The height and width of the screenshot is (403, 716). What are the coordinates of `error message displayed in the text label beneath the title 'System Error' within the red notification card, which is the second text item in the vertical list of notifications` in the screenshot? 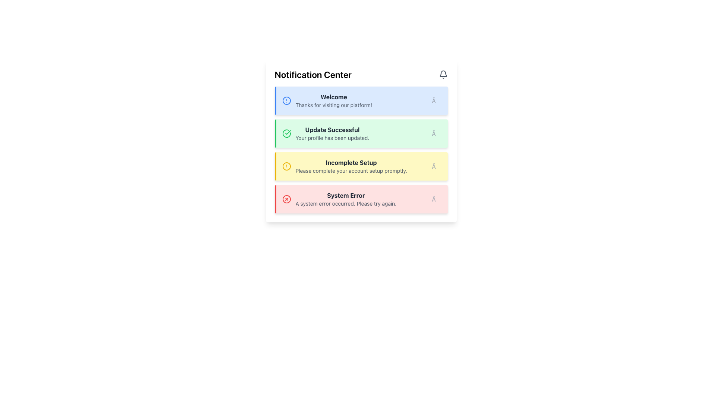 It's located at (345, 204).